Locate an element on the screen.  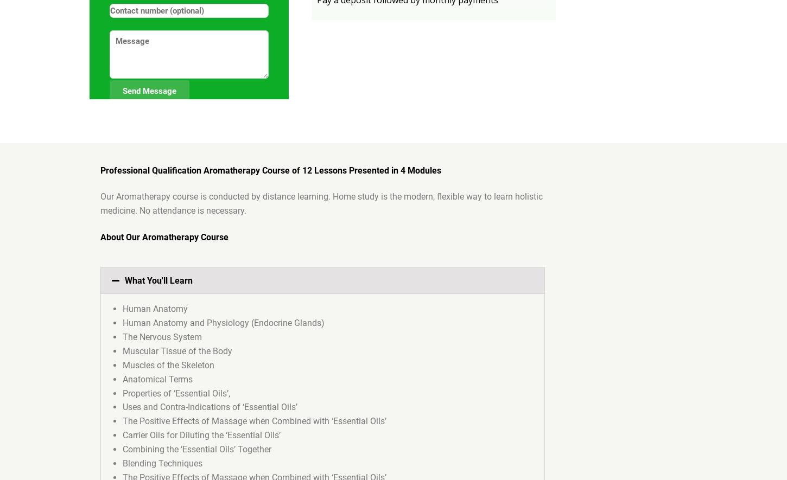
'The Nervous System' is located at coordinates (162, 336).